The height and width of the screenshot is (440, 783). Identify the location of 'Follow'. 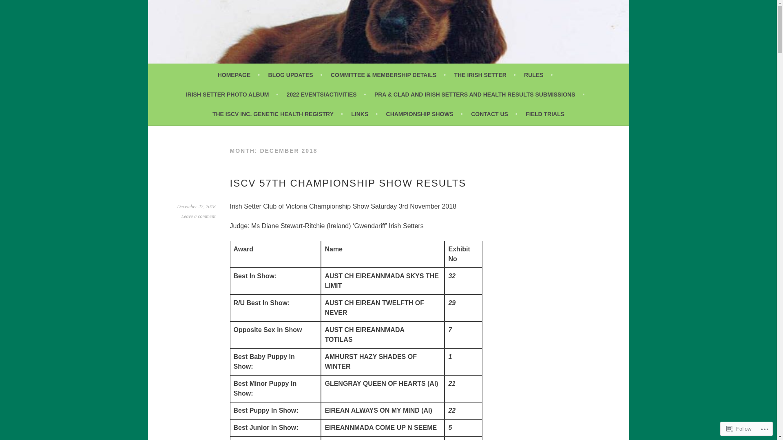
(739, 428).